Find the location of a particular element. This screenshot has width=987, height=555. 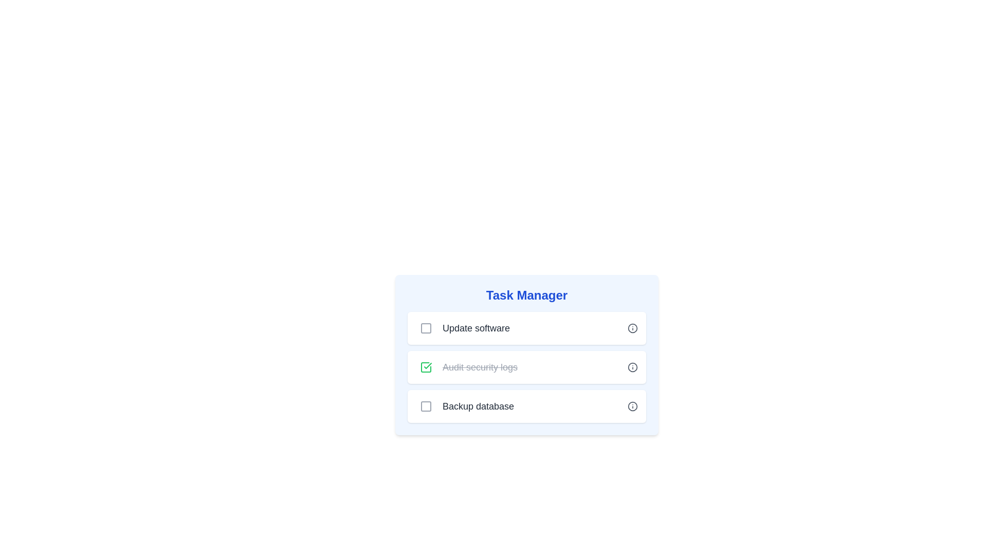

text from the 'Update software' label, which is a bold, dark gray text element located in the task management panel is located at coordinates (476, 328).